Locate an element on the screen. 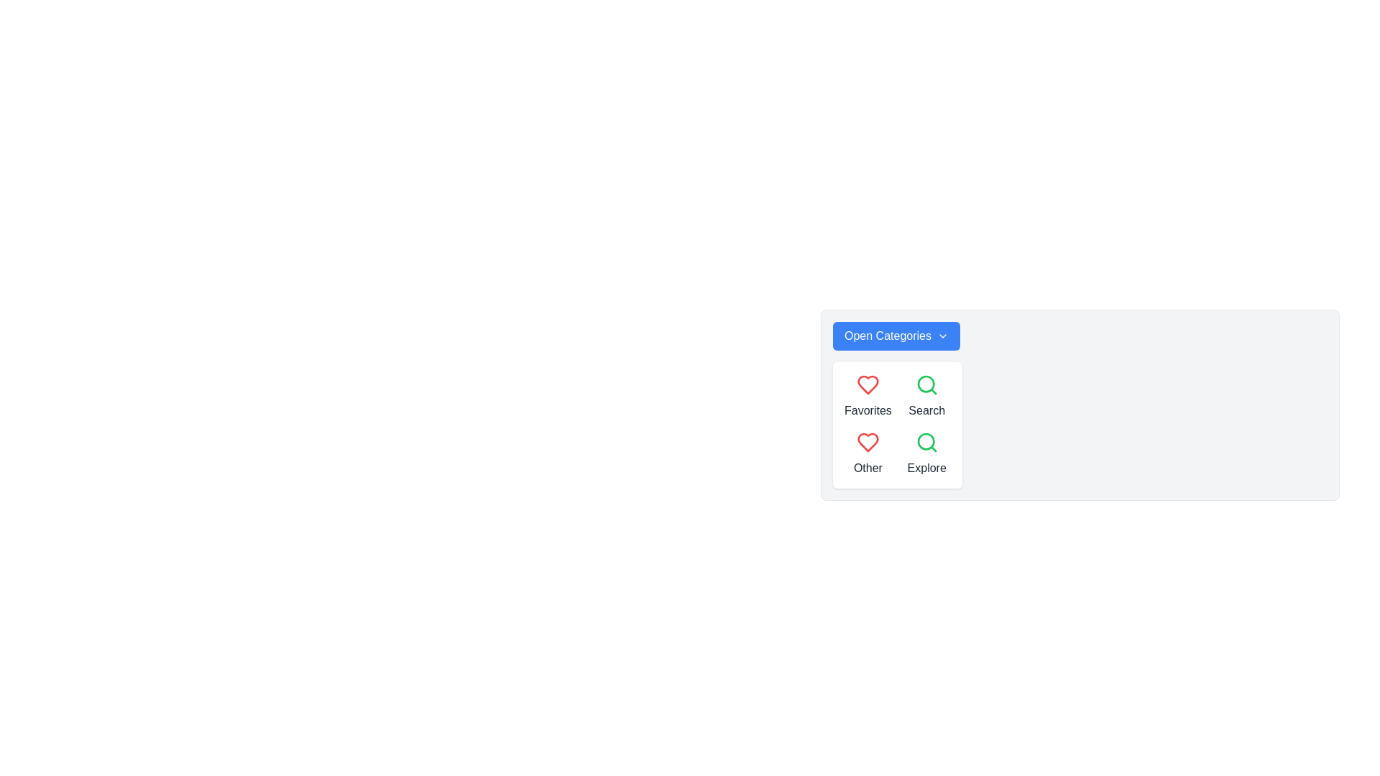 Image resolution: width=1380 pixels, height=776 pixels. the Text label located in the lower-left section of the categorized layout, beneath the heart icon, which indicates additional options under the 'Other' category is located at coordinates (867, 468).